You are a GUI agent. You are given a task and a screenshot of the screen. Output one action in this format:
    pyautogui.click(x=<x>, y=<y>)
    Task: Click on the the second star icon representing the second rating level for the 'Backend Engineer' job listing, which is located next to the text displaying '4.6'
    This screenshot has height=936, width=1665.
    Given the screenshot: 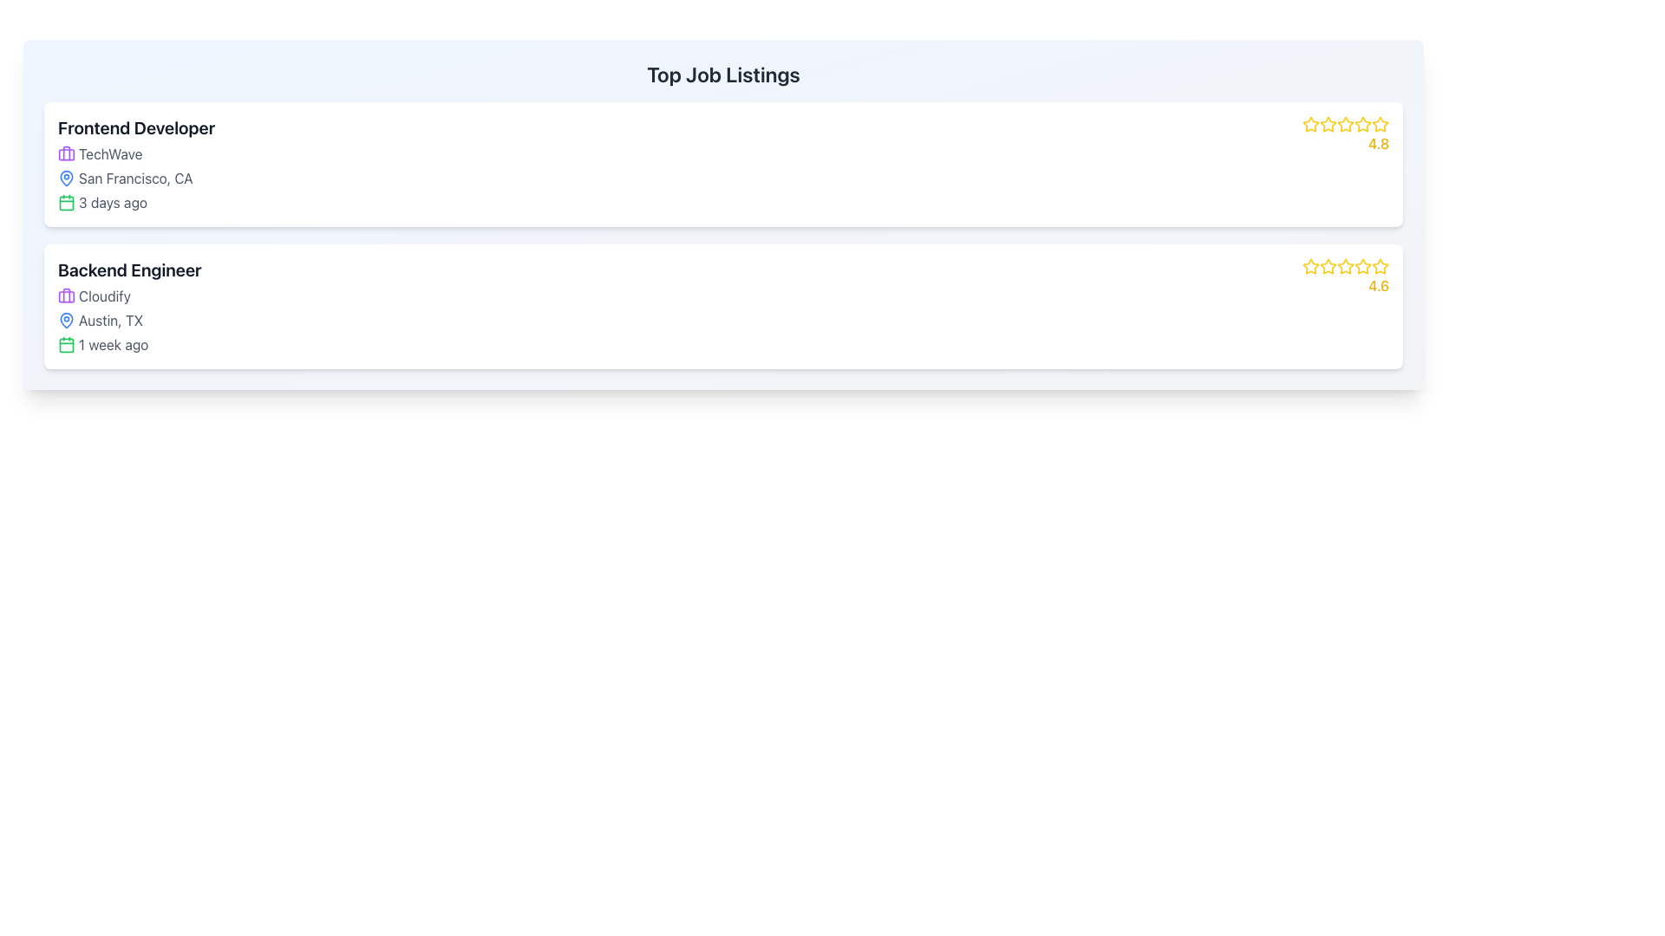 What is the action you would take?
    pyautogui.click(x=1327, y=266)
    